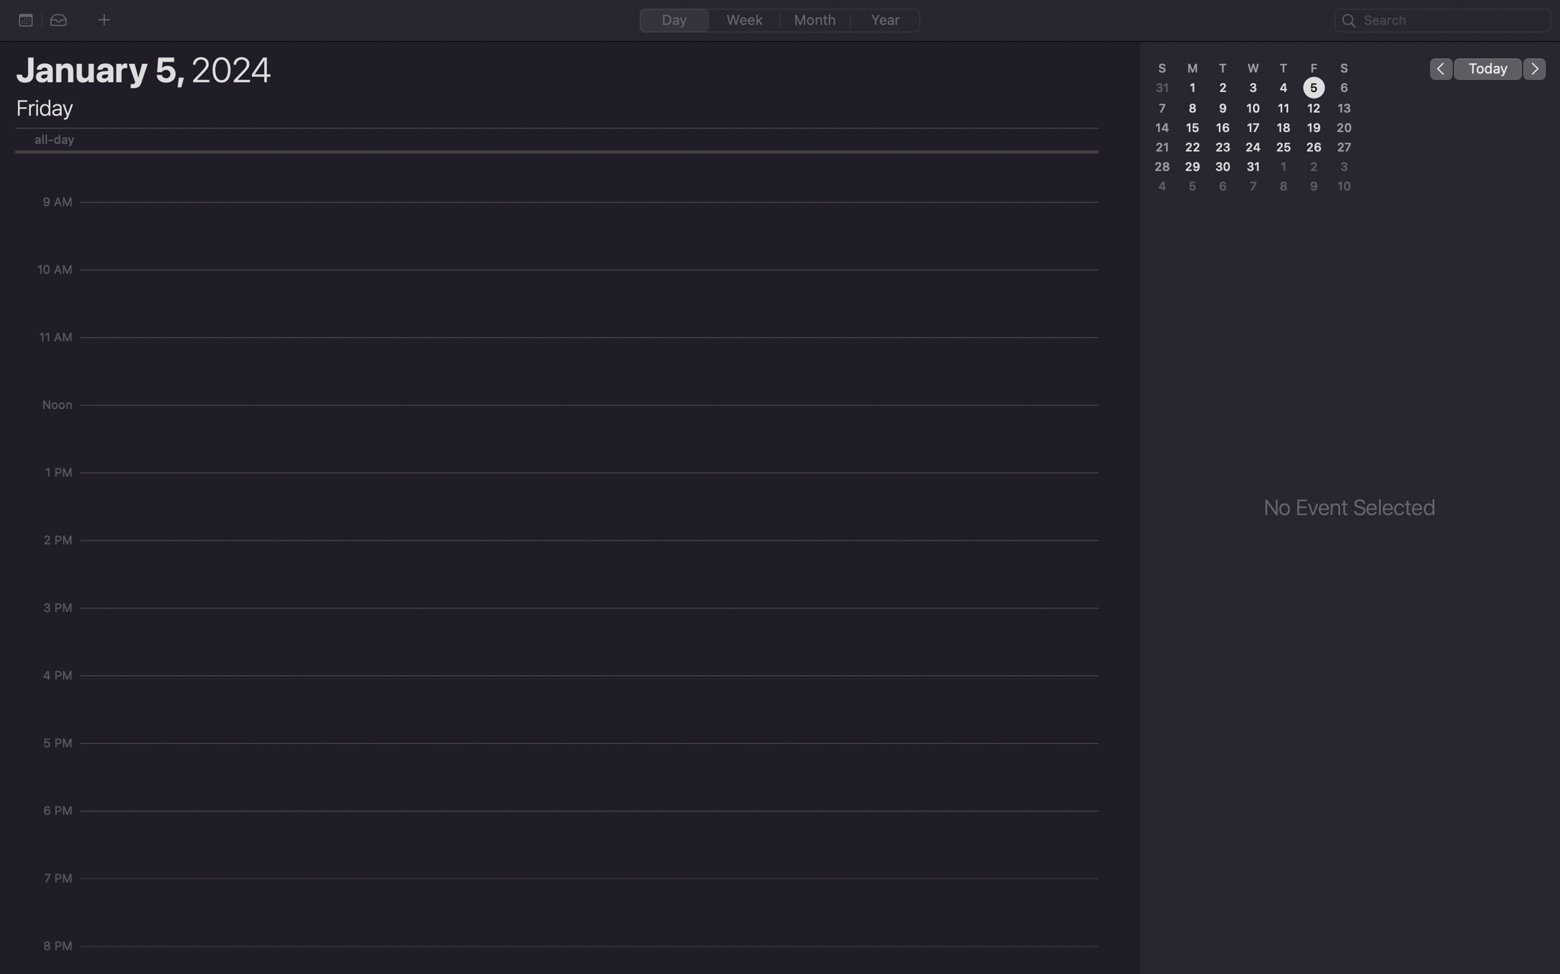 This screenshot has height=974, width=1560. I want to click on Change the calendar to a day view, so click(674, 19).